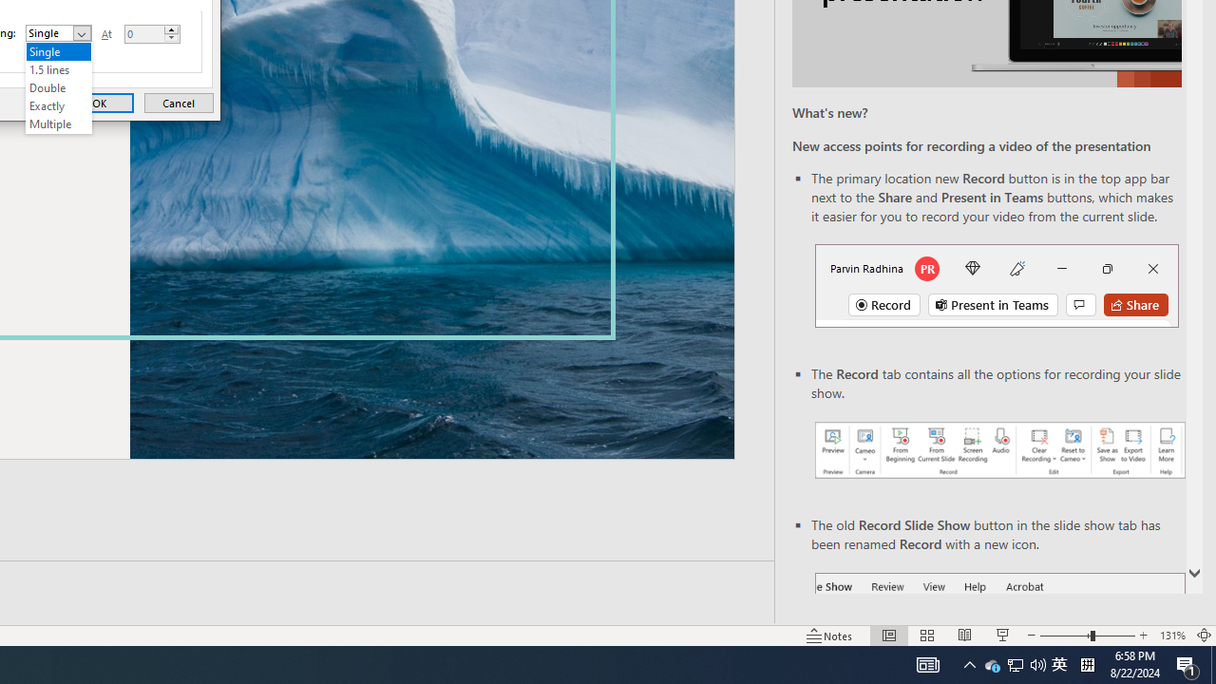 The height and width of the screenshot is (684, 1216). What do you see at coordinates (142, 34) in the screenshot?
I see `'At'` at bounding box center [142, 34].